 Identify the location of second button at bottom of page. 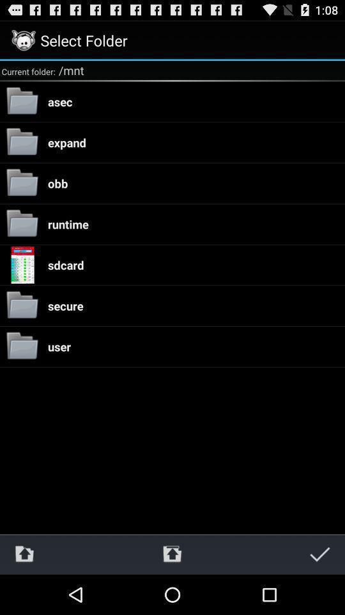
(172, 553).